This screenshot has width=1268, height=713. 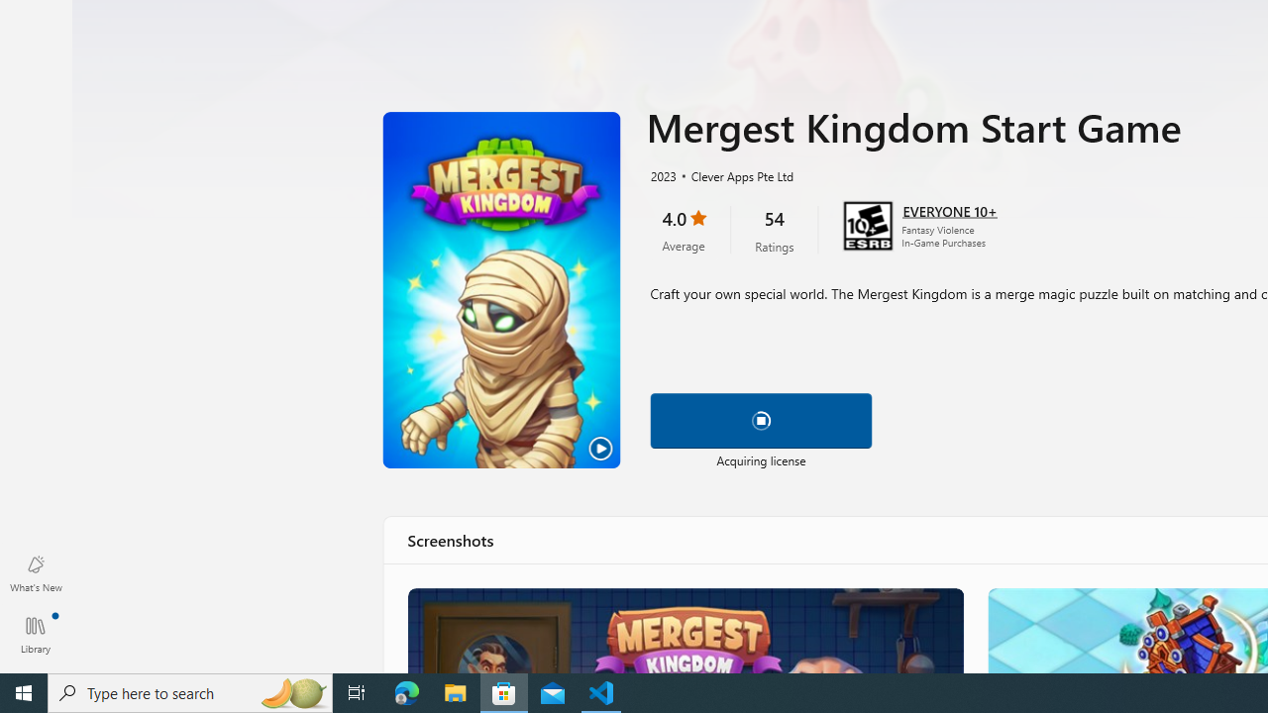 What do you see at coordinates (760, 419) in the screenshot?
I see `'Pause download'` at bounding box center [760, 419].